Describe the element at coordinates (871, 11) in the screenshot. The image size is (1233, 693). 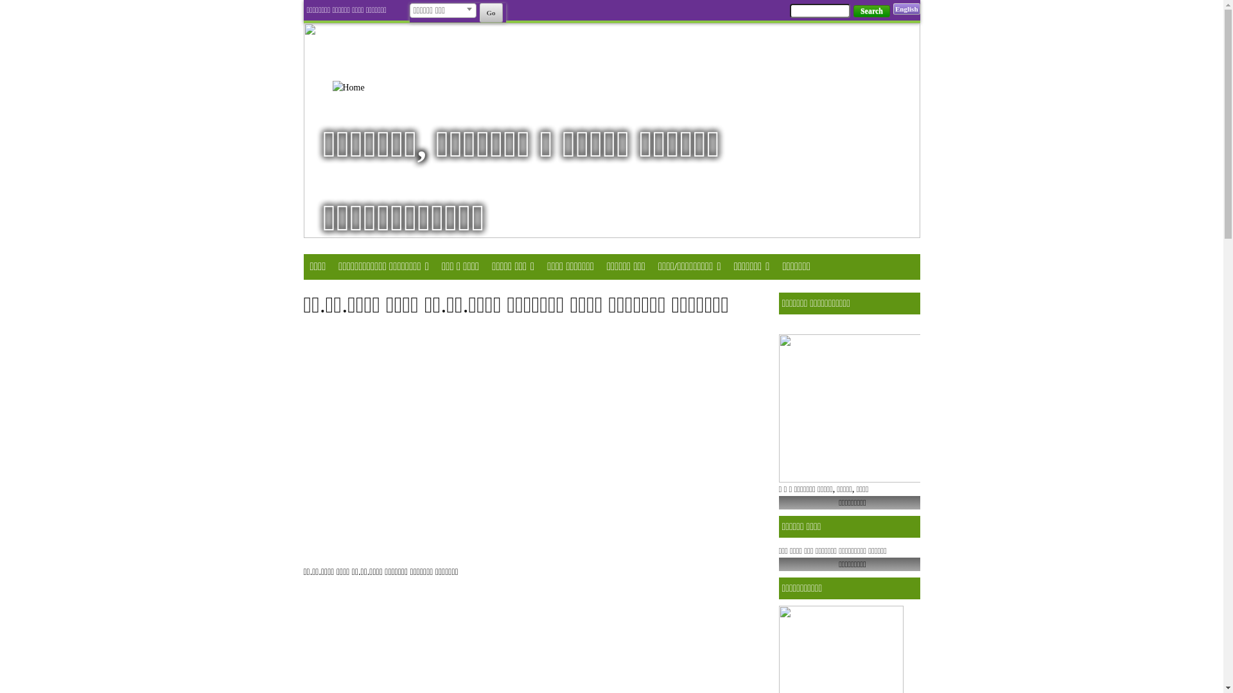
I see `'Search'` at that location.